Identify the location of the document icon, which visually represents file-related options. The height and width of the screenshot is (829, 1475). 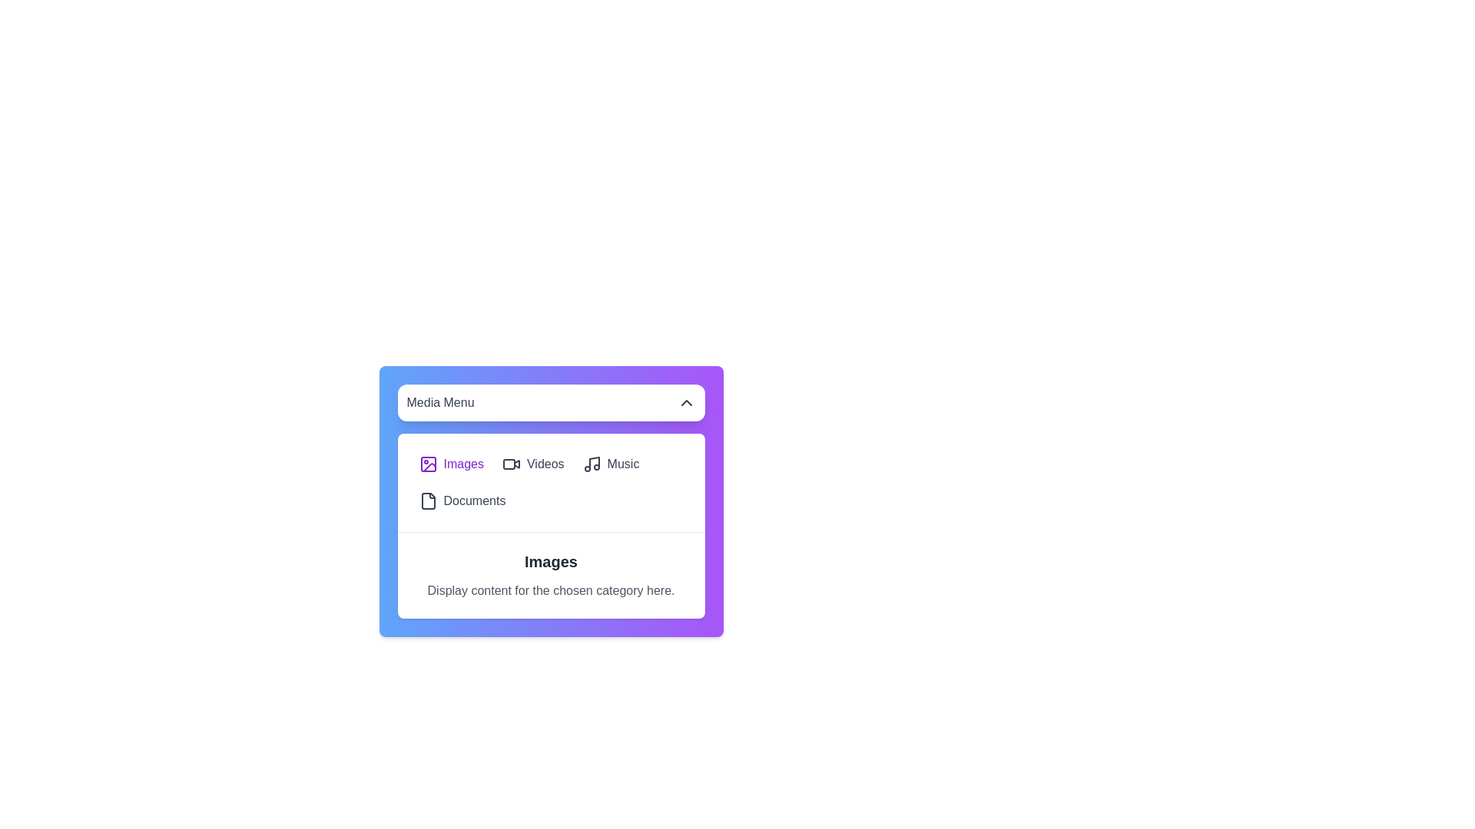
(428, 500).